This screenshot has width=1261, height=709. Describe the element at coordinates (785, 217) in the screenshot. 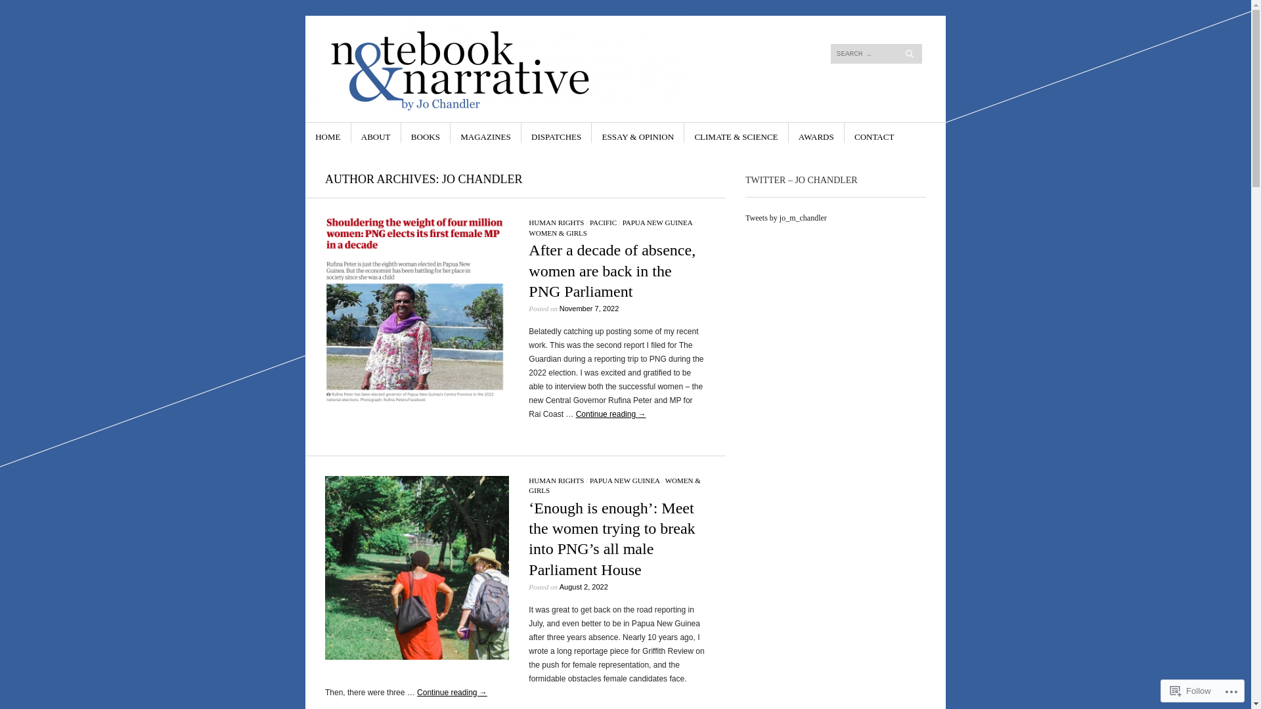

I see `'Tweets by jo_m_chandler'` at that location.